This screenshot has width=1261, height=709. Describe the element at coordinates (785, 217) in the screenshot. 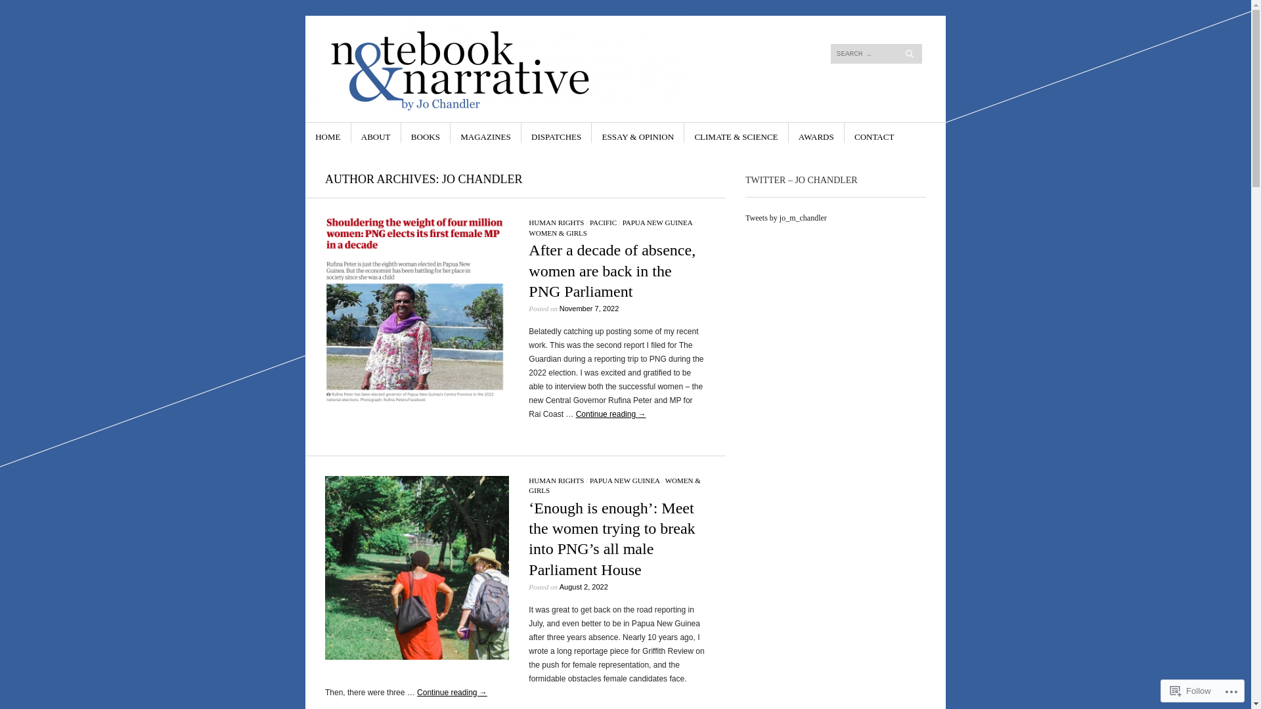

I see `'Tweets by jo_m_chandler'` at that location.